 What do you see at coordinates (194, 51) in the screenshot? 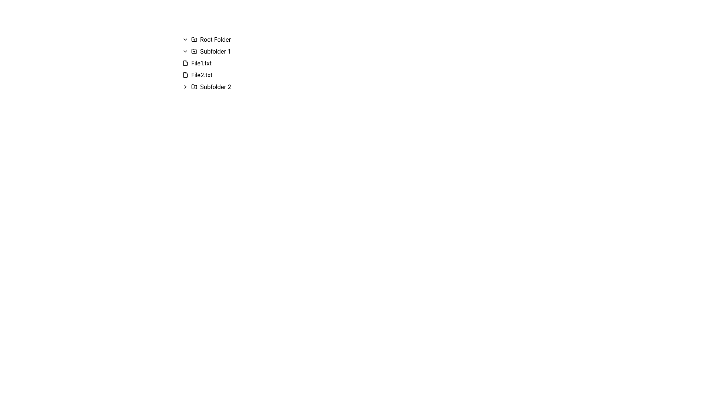
I see `the graphical folder icon with a plus sign located to the left of 'Subfolder 1', which is the first folder-like icon within the expanded hierarchy of the 'Root Folder'` at bounding box center [194, 51].